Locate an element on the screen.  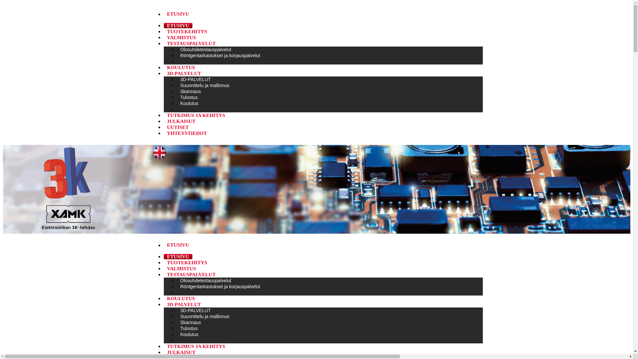
'3D-PALVELUT' is located at coordinates (184, 304).